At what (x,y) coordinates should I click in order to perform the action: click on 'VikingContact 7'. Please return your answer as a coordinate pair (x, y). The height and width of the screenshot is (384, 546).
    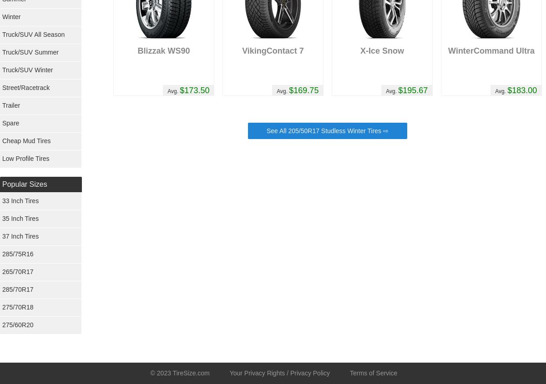
    Looking at the image, I should click on (272, 50).